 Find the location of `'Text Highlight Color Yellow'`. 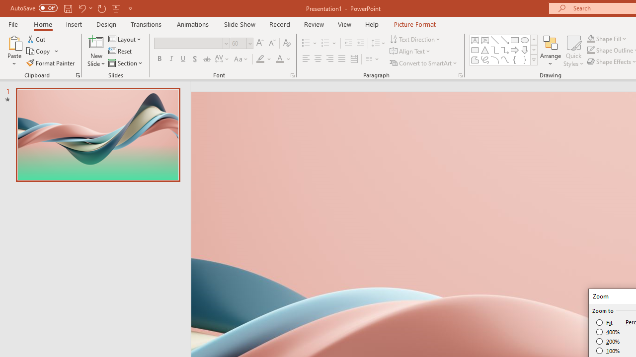

'Text Highlight Color Yellow' is located at coordinates (260, 59).